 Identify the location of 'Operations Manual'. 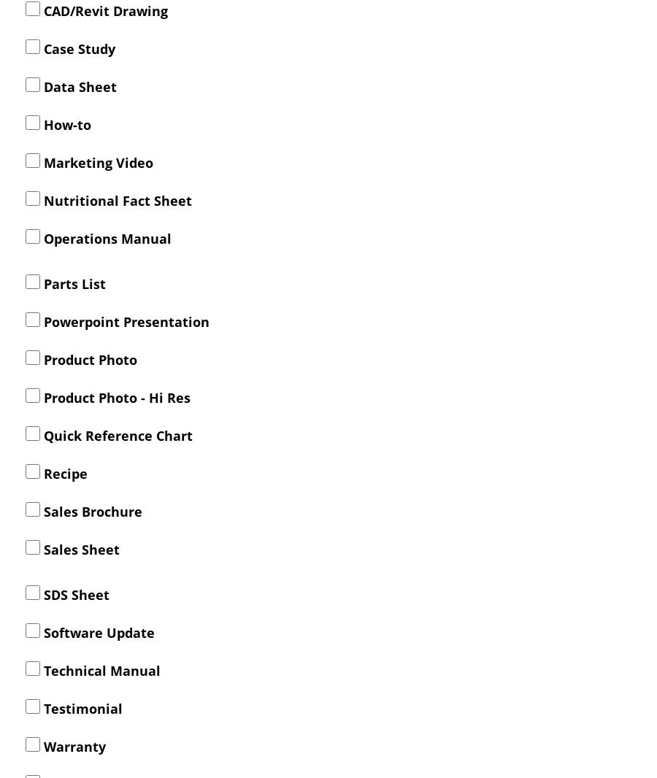
(105, 237).